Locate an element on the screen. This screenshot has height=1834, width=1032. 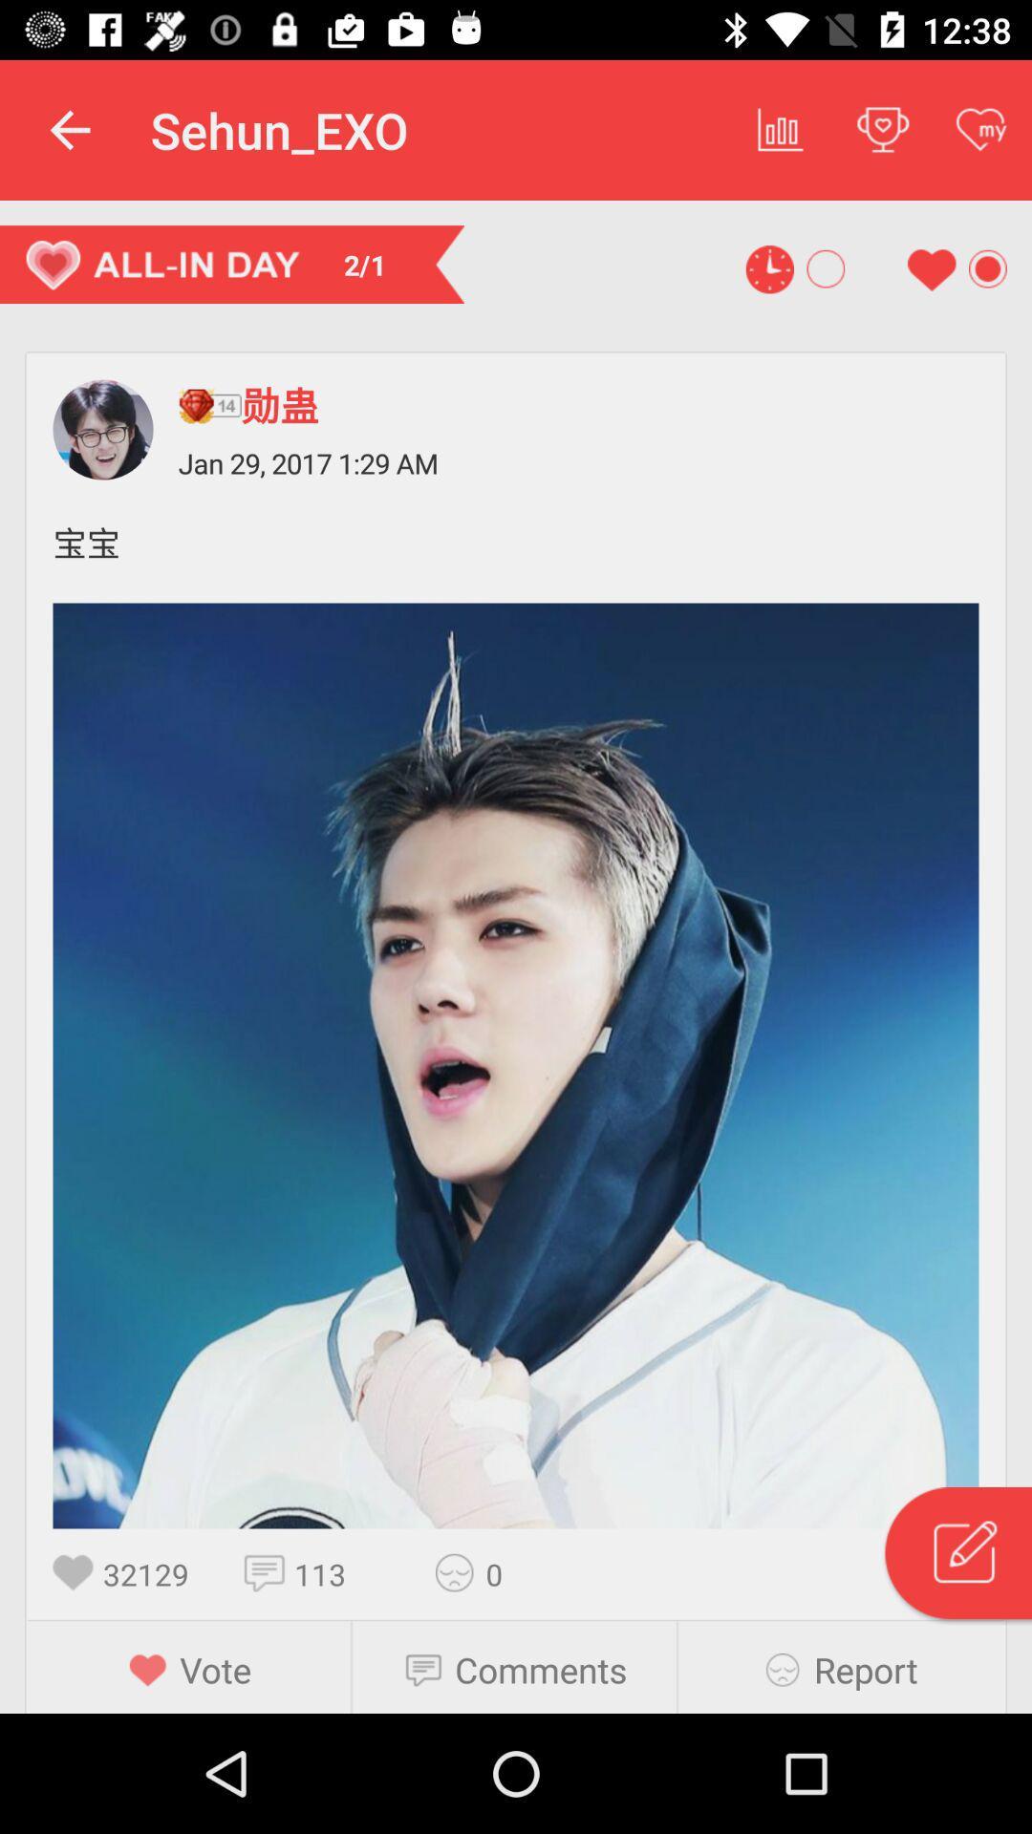
app next to the sehun_exo is located at coordinates (69, 129).